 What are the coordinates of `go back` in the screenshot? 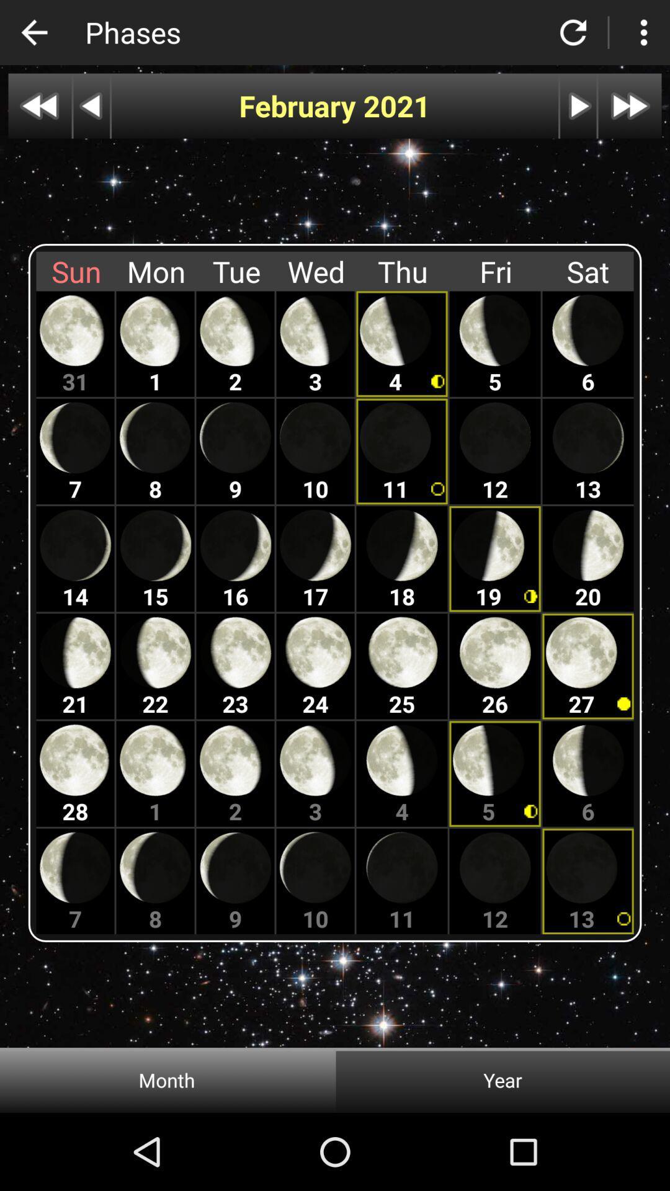 It's located at (33, 32).